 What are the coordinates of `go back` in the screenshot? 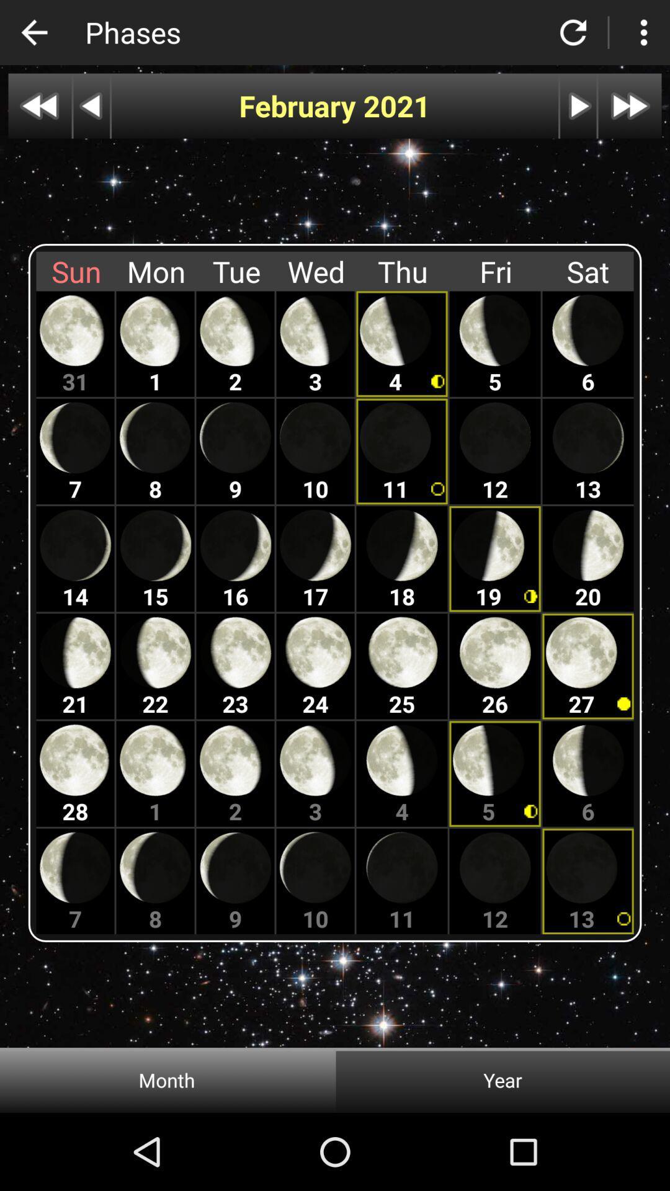 It's located at (33, 32).